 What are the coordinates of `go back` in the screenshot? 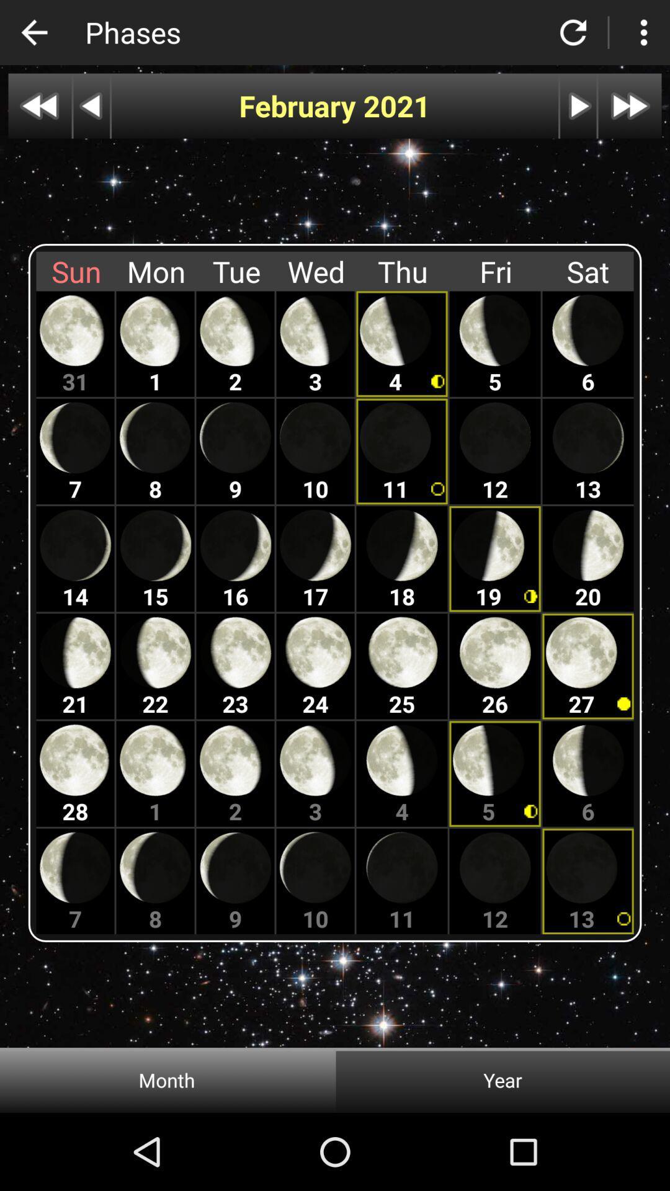 It's located at (33, 32).